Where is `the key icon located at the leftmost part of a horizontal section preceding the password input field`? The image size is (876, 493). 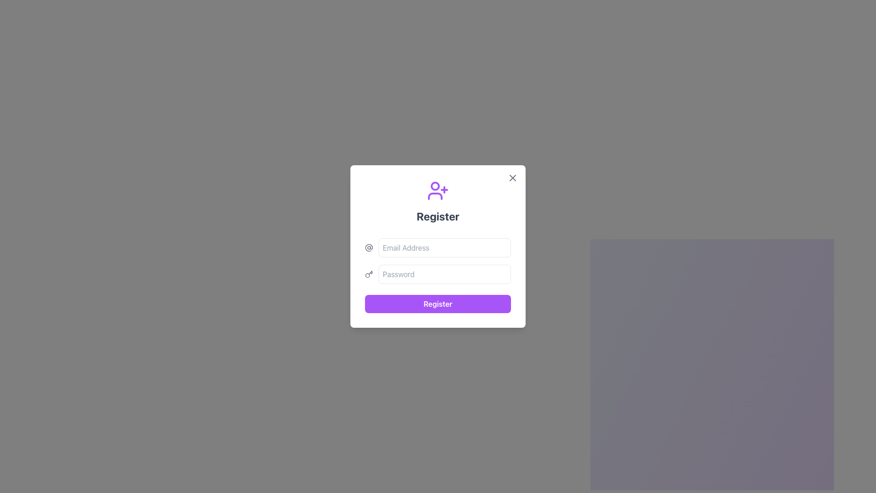 the key icon located at the leftmost part of a horizontal section preceding the password input field is located at coordinates (369, 274).